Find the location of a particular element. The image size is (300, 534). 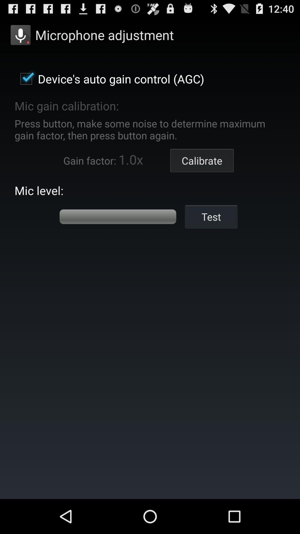

test on the right is located at coordinates (211, 216).